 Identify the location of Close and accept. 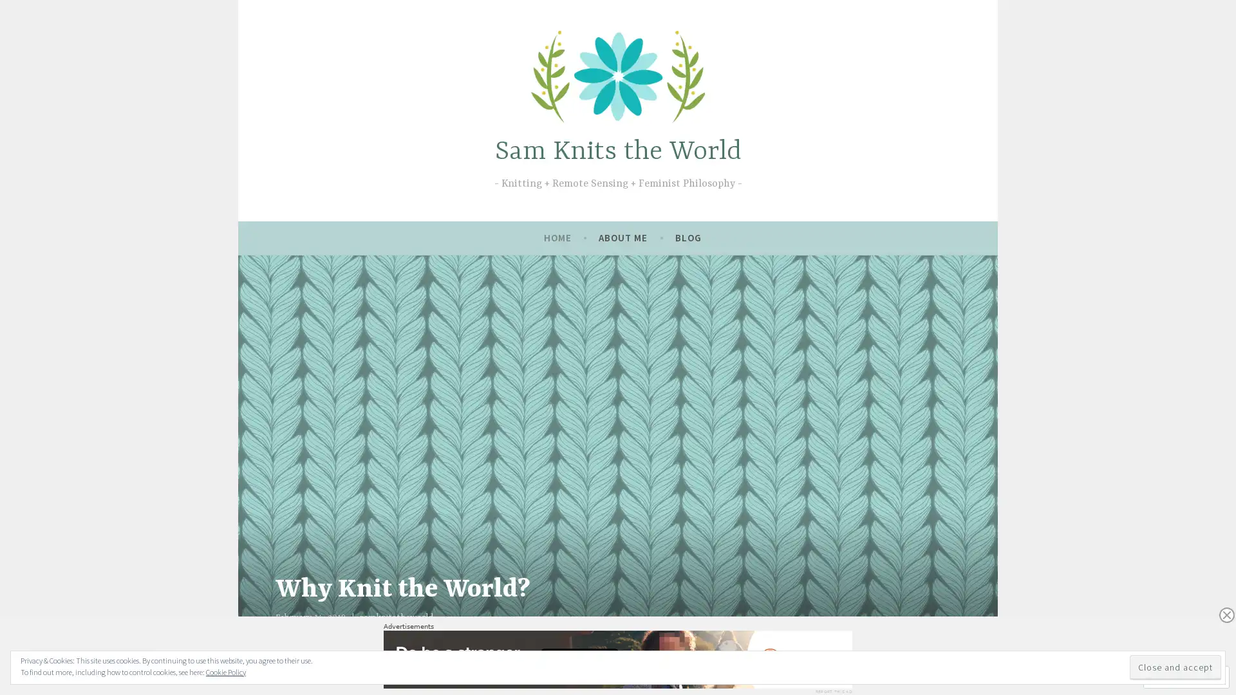
(1175, 667).